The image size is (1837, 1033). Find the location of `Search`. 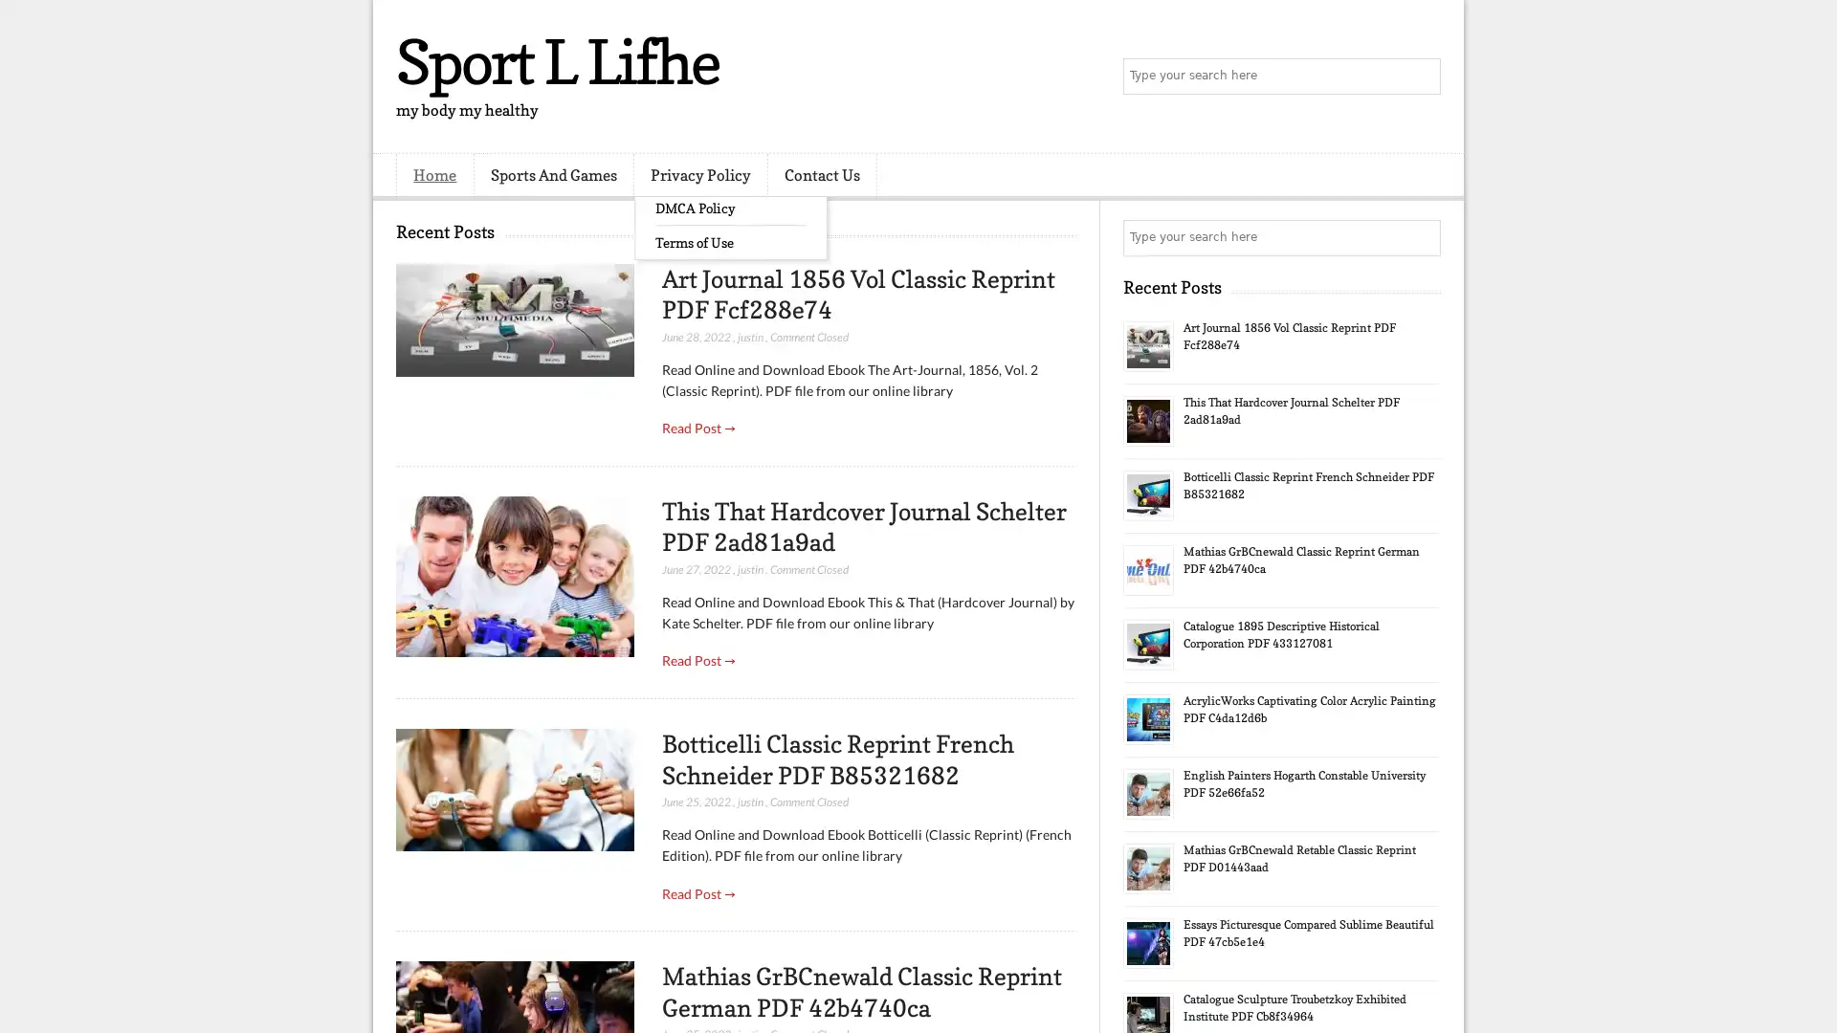

Search is located at coordinates (1421, 77).